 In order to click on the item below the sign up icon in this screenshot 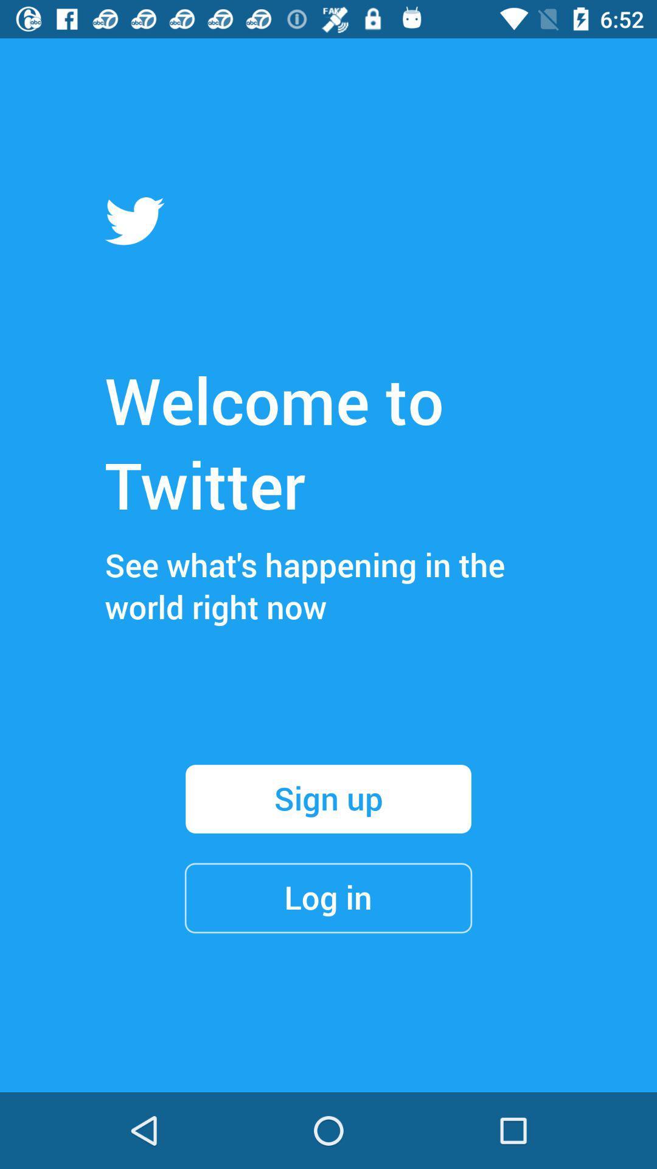, I will do `click(328, 898)`.